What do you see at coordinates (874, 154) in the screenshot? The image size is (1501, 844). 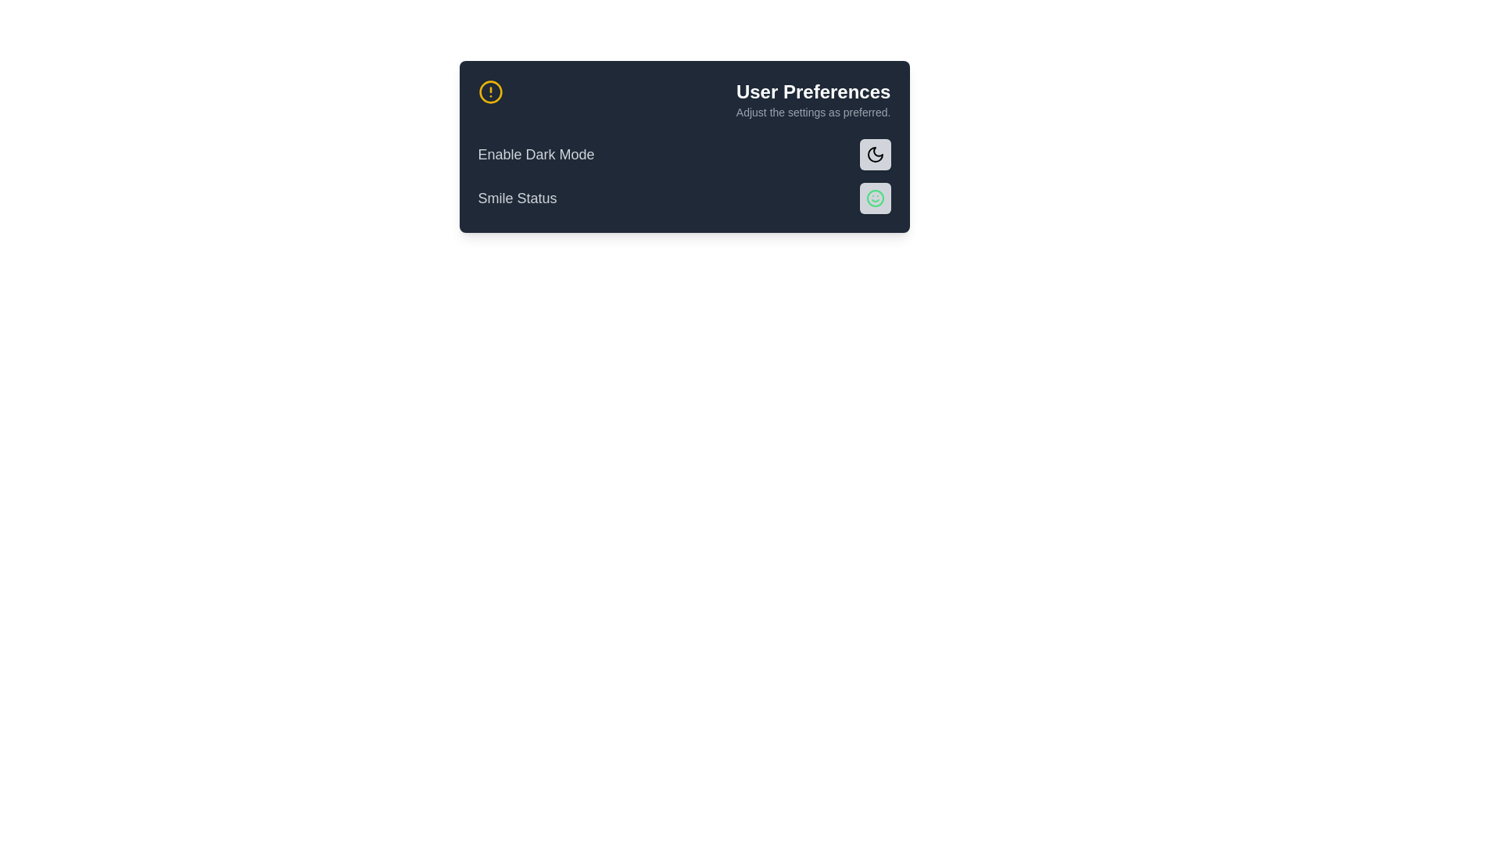 I see `the gray rectangular button with rounded corners that contains a crescent moon icon` at bounding box center [874, 154].